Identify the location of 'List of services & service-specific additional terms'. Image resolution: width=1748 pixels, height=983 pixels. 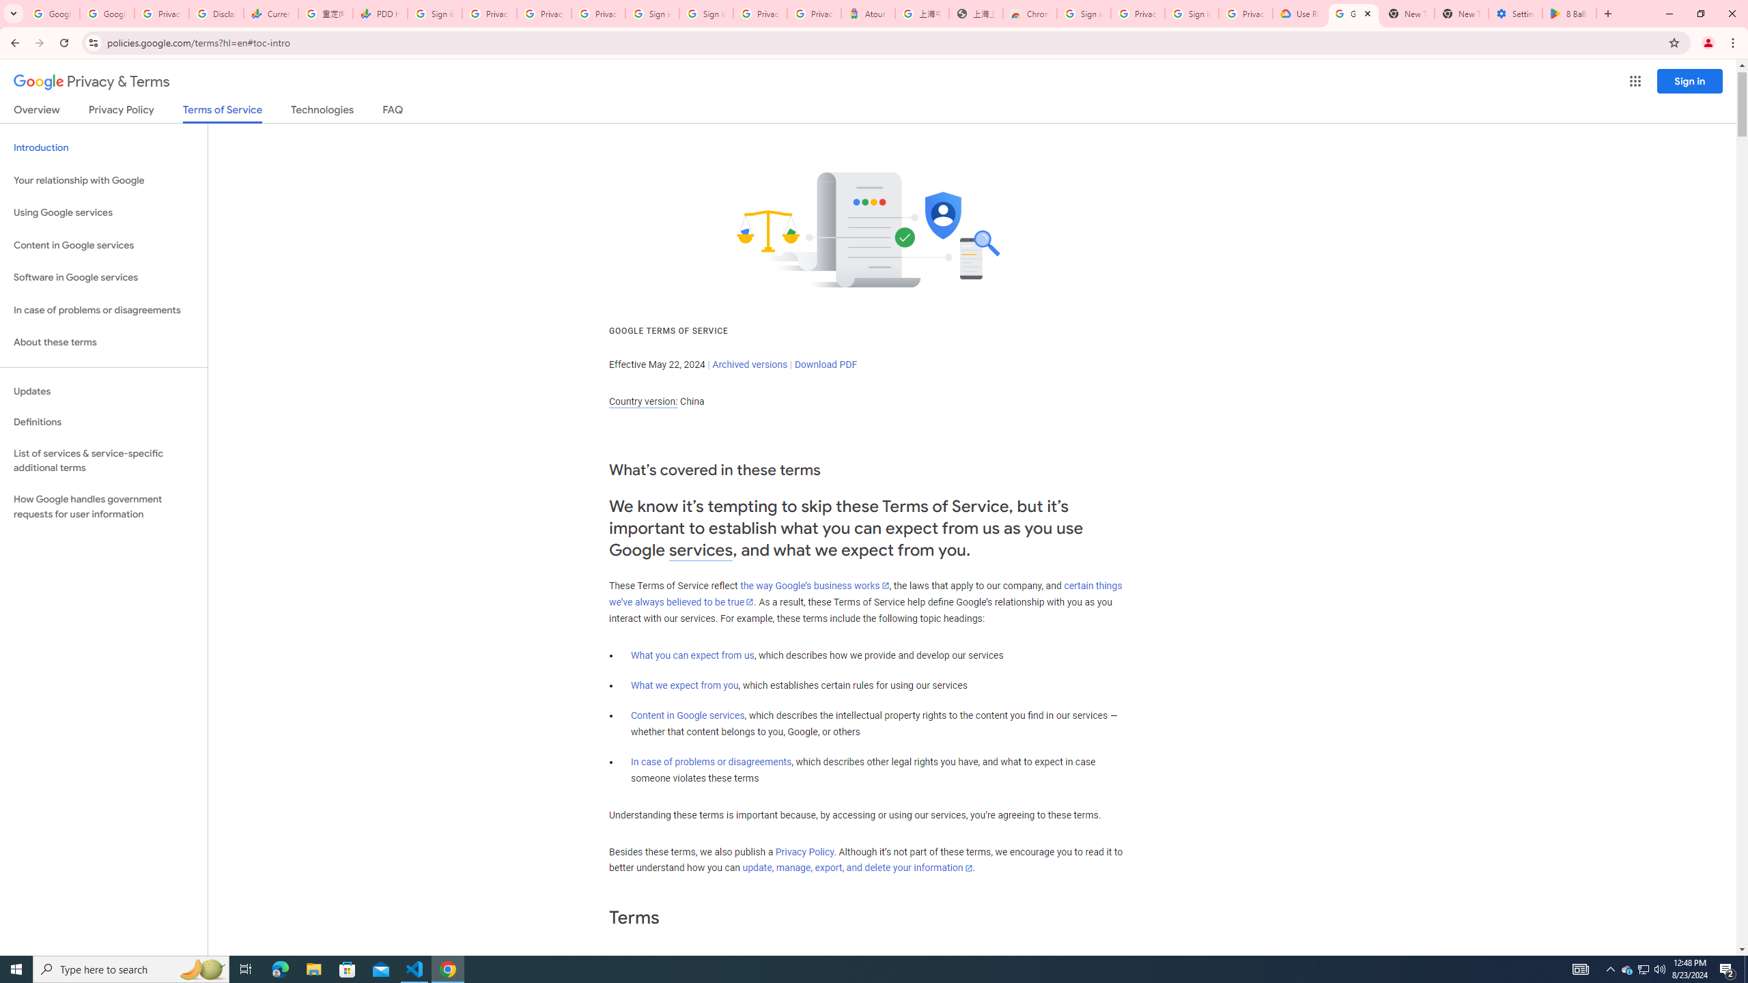
(103, 460).